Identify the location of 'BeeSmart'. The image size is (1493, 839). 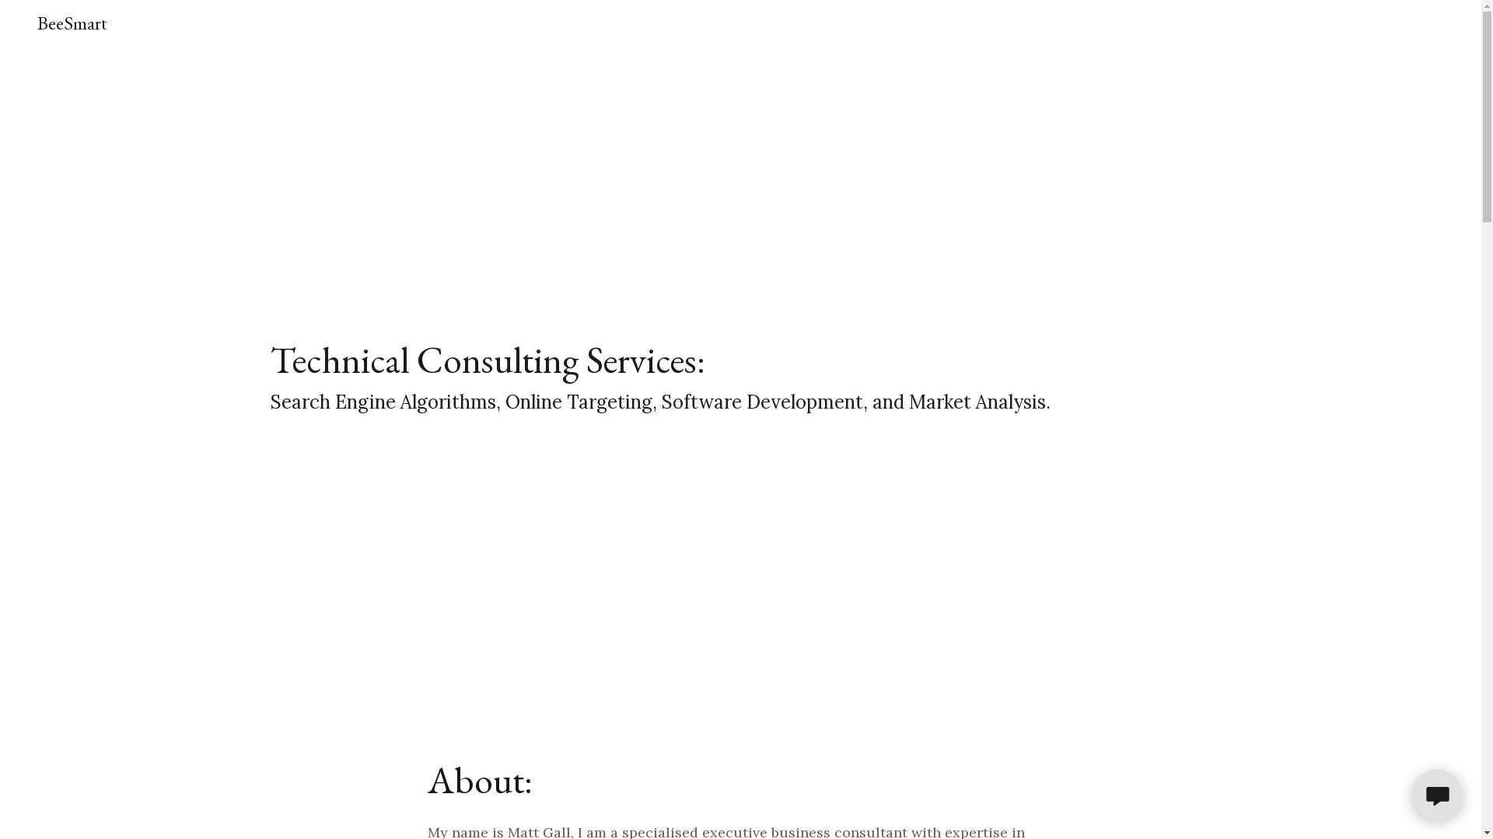
(71, 24).